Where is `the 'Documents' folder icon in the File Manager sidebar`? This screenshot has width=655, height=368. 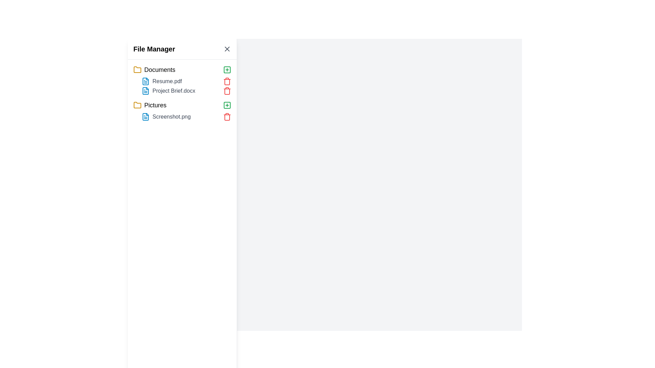
the 'Documents' folder icon in the File Manager sidebar is located at coordinates (137, 70).